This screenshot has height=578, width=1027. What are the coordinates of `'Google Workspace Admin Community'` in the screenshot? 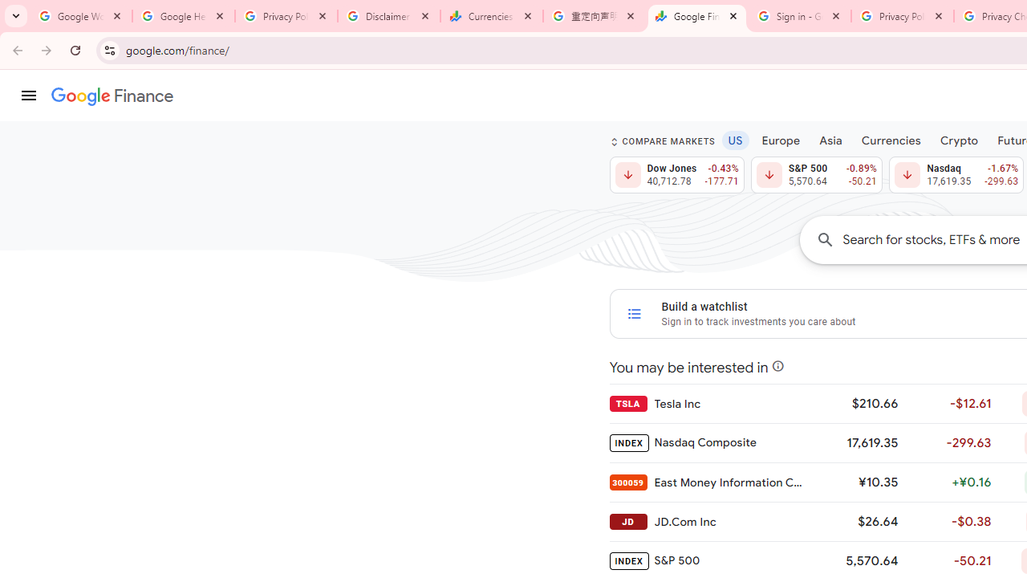 It's located at (80, 16).